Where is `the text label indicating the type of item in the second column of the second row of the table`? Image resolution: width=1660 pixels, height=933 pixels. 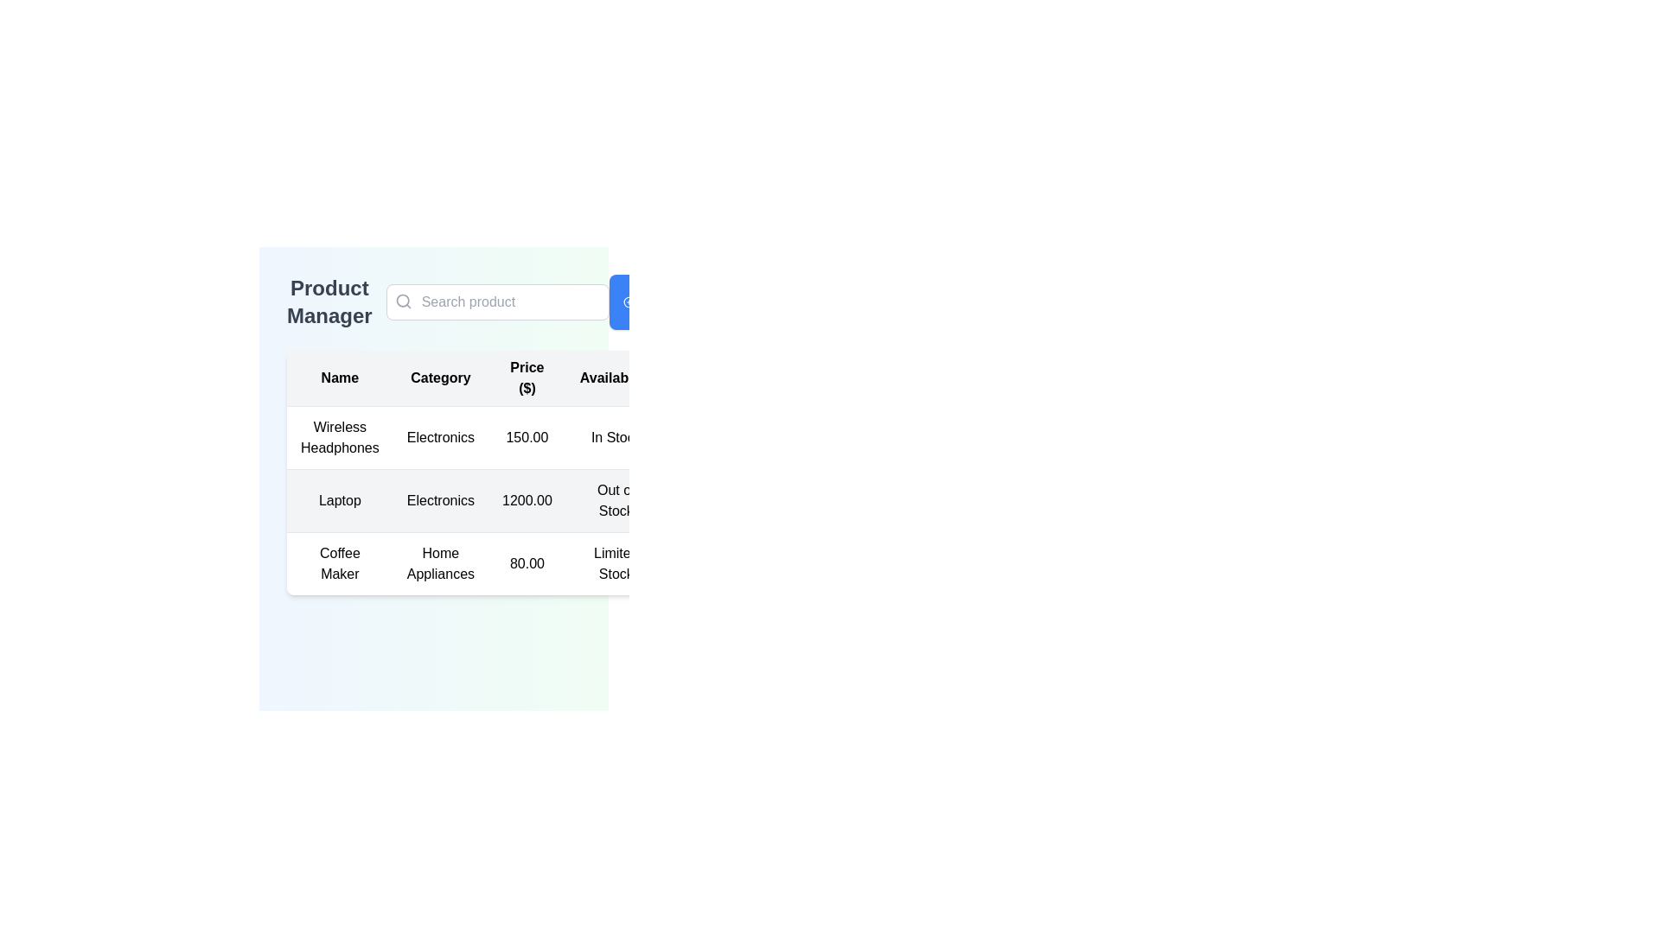 the text label indicating the type of item in the second column of the second row of the table is located at coordinates (440, 500).